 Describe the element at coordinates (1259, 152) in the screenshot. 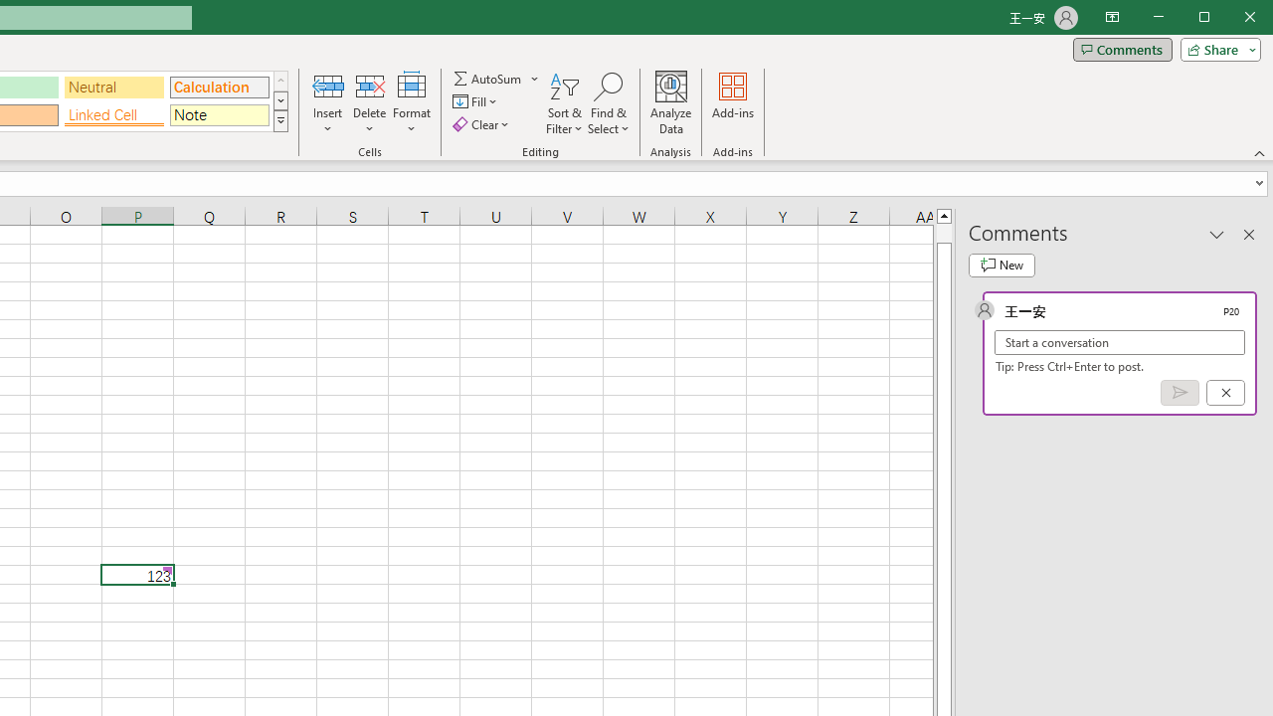

I see `'Collapse the Ribbon'` at that location.